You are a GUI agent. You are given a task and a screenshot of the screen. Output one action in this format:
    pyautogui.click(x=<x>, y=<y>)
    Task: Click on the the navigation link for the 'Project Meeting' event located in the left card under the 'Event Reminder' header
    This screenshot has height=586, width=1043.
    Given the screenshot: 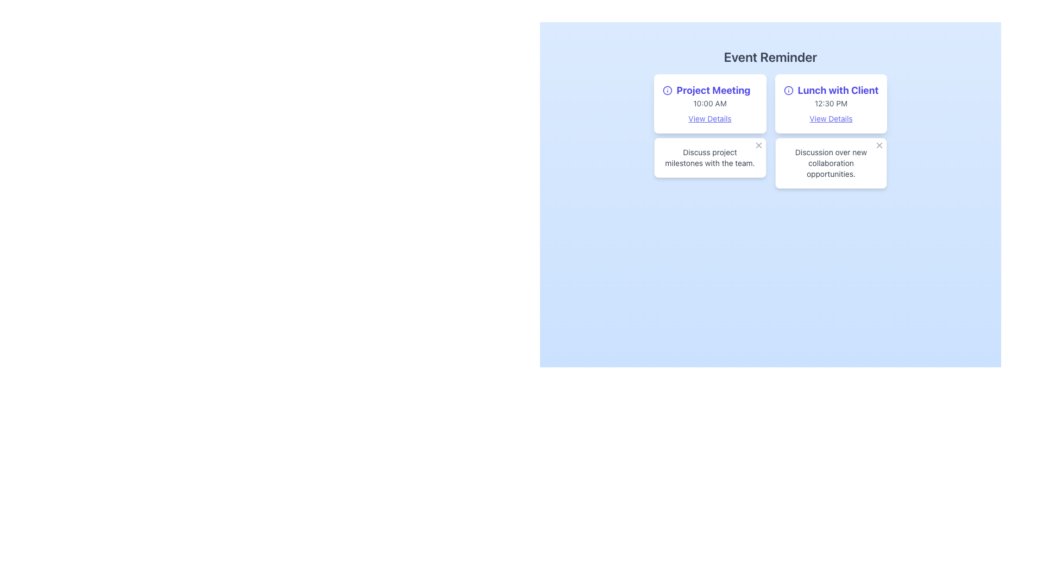 What is the action you would take?
    pyautogui.click(x=709, y=119)
    